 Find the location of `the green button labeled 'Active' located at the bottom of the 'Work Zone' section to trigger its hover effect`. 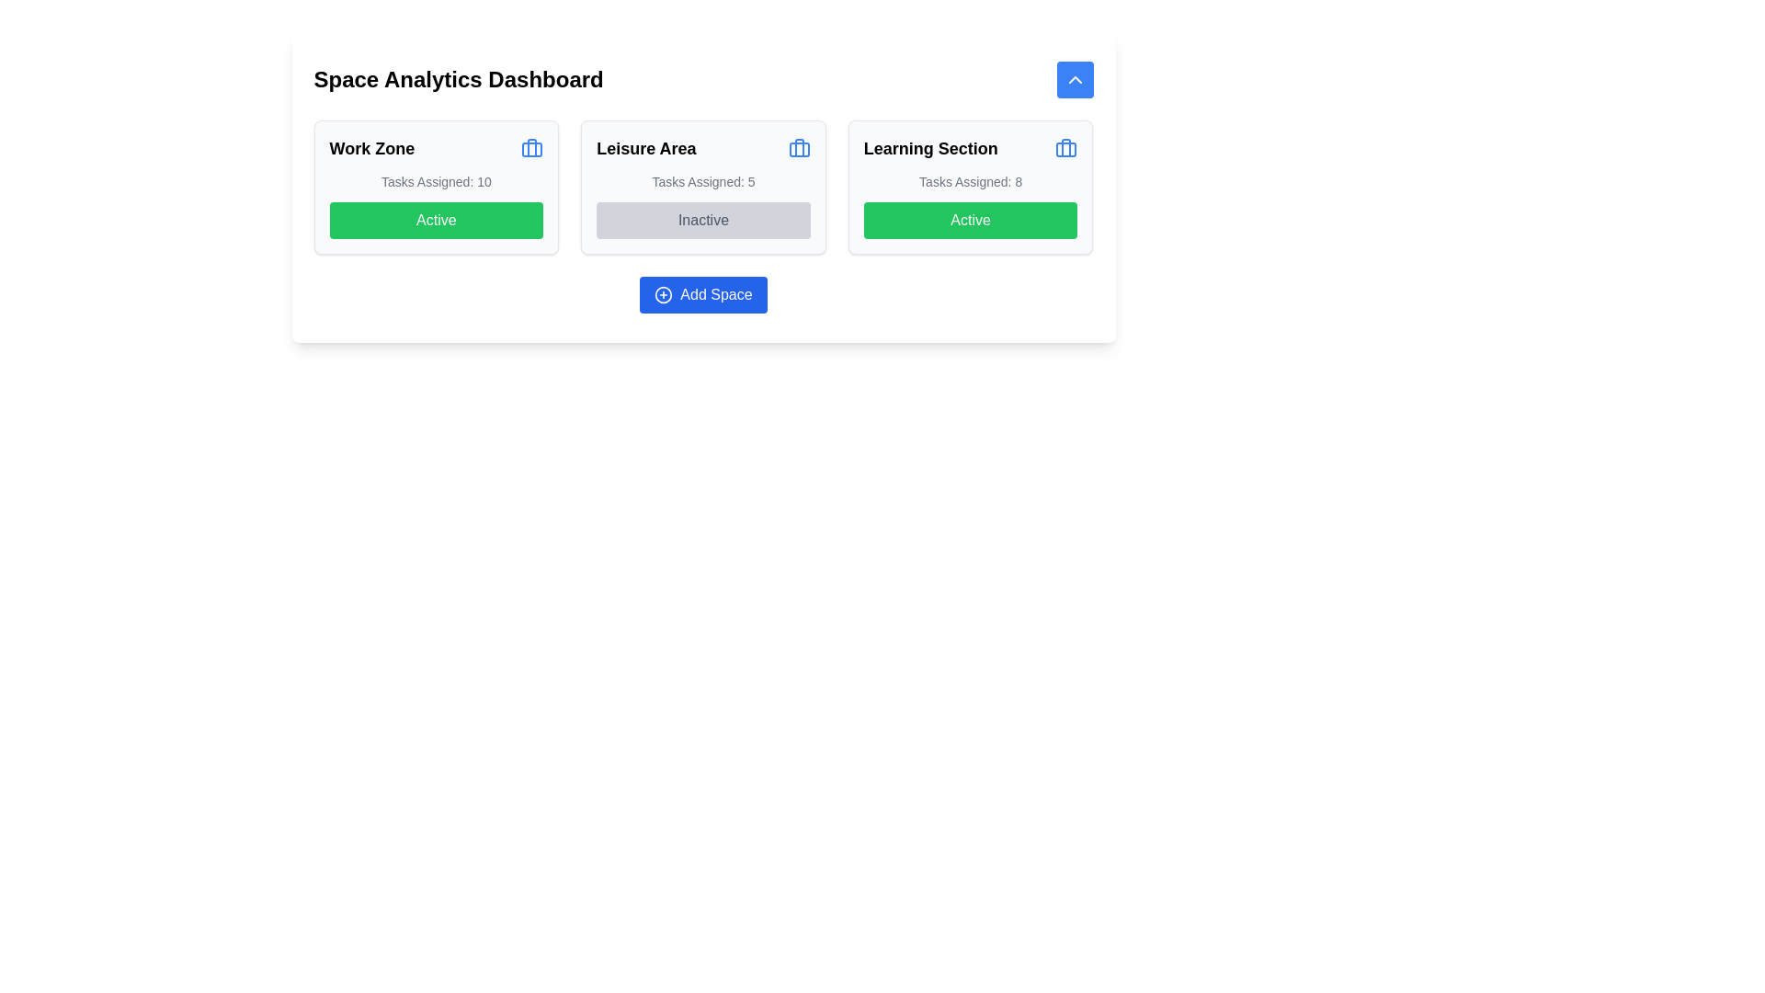

the green button labeled 'Active' located at the bottom of the 'Work Zone' section to trigger its hover effect is located at coordinates (435, 219).